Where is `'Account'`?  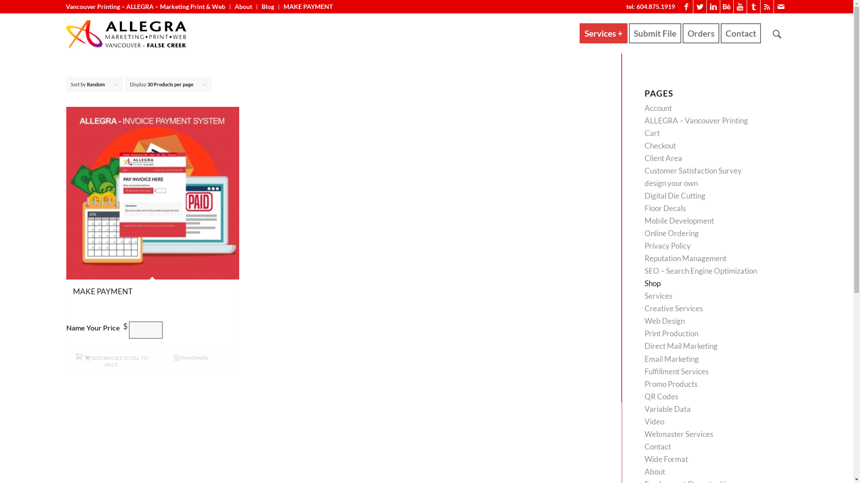
'Account' is located at coordinates (658, 107).